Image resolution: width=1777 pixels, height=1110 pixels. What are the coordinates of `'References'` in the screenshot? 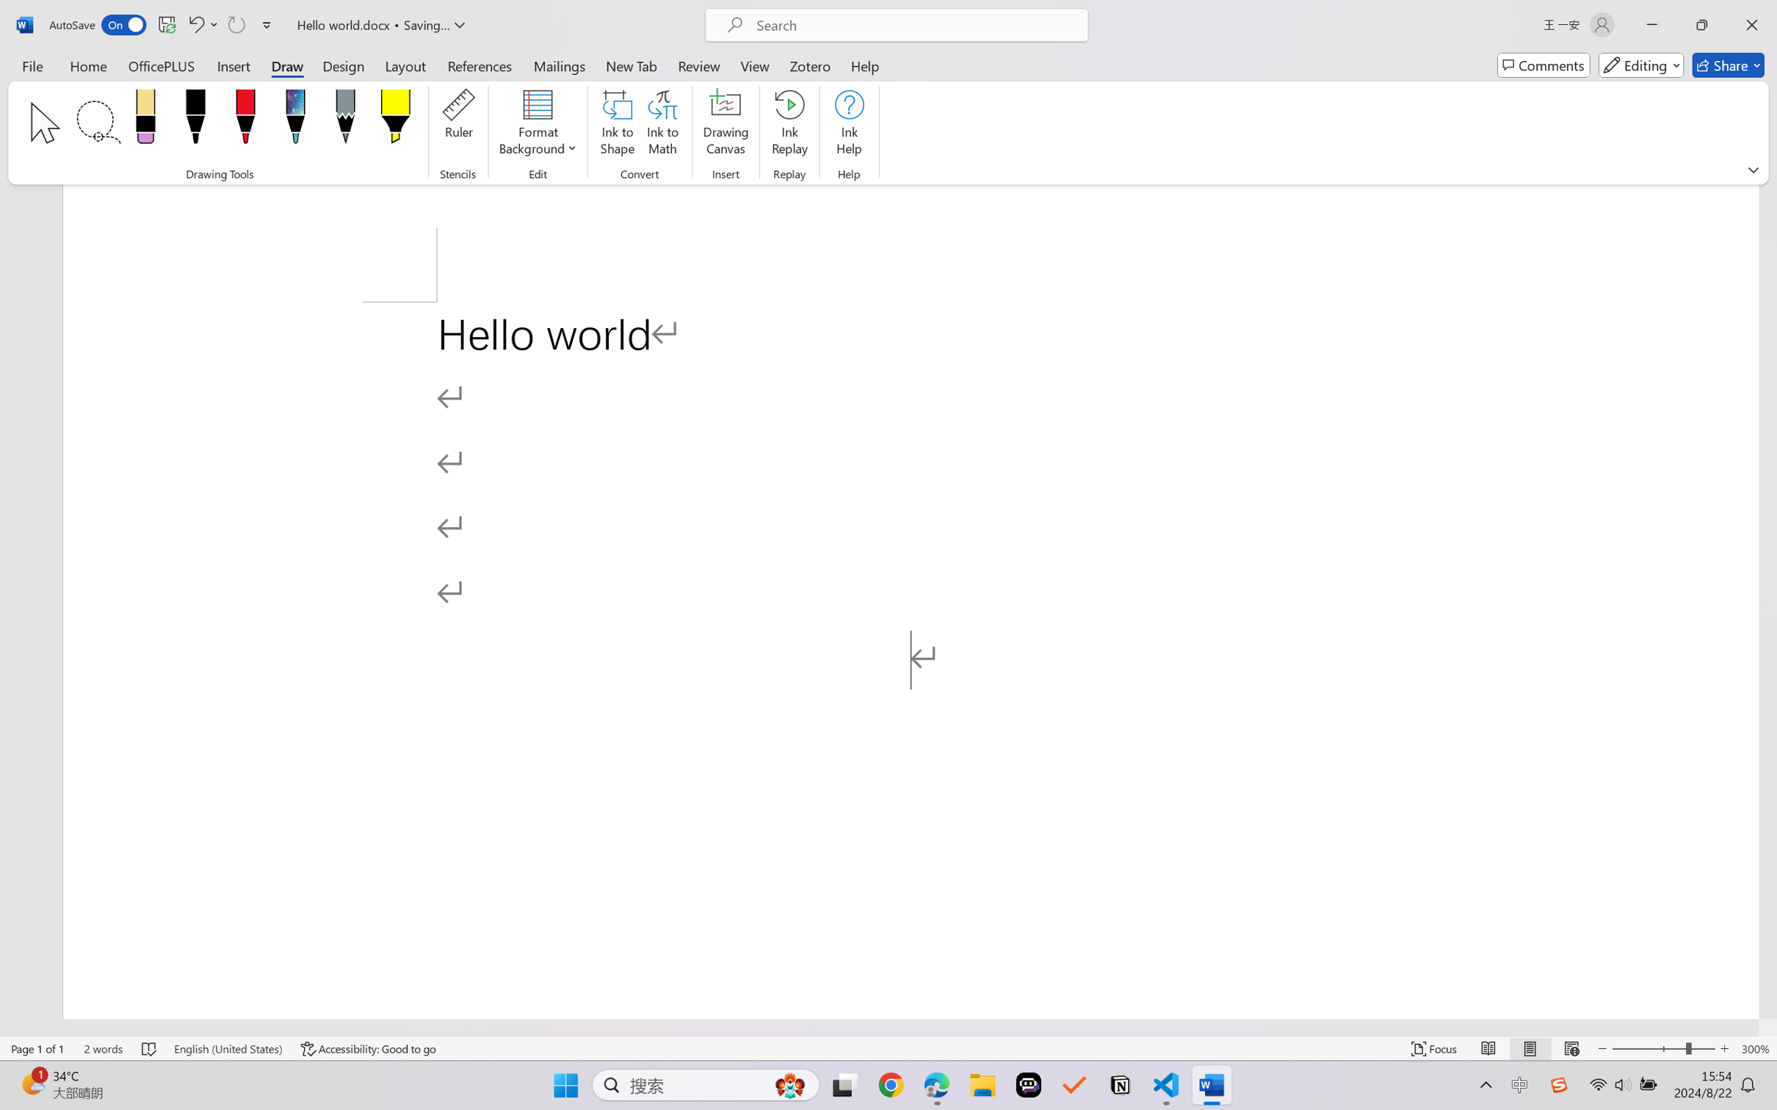 It's located at (479, 65).